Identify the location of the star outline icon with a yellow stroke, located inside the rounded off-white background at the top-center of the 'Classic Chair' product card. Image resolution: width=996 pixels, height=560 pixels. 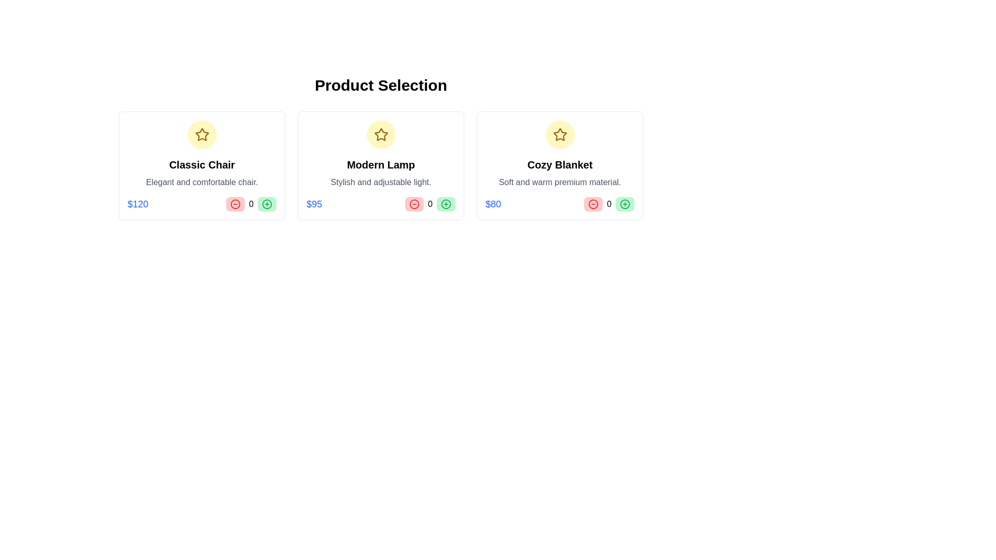
(202, 134).